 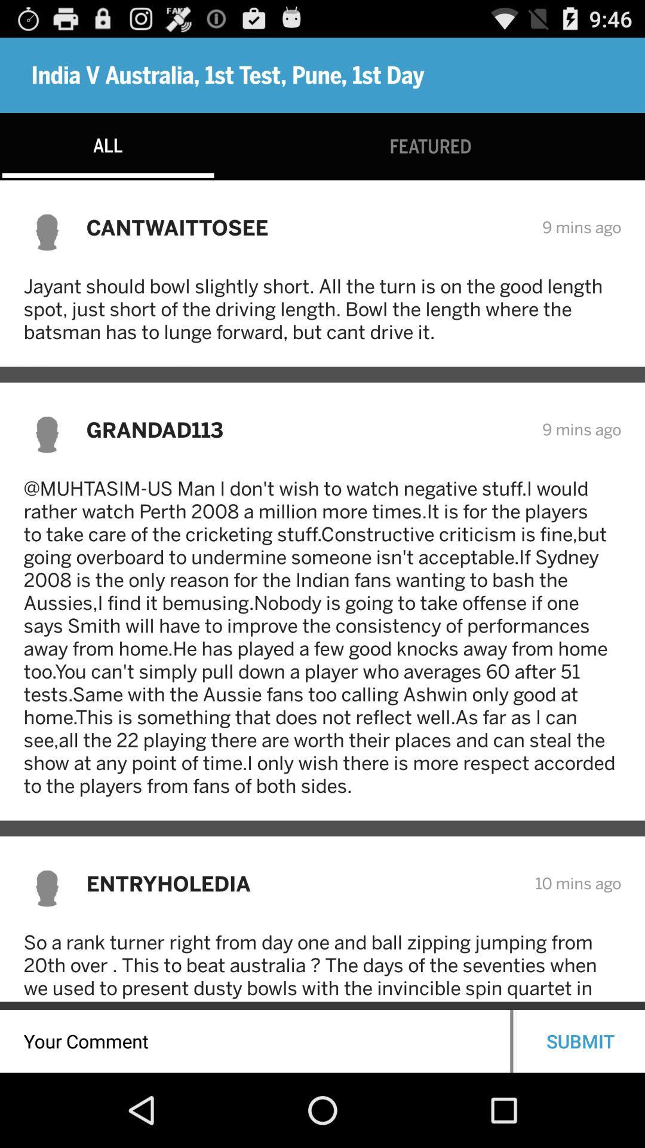 I want to click on the item below all icon, so click(x=306, y=227).